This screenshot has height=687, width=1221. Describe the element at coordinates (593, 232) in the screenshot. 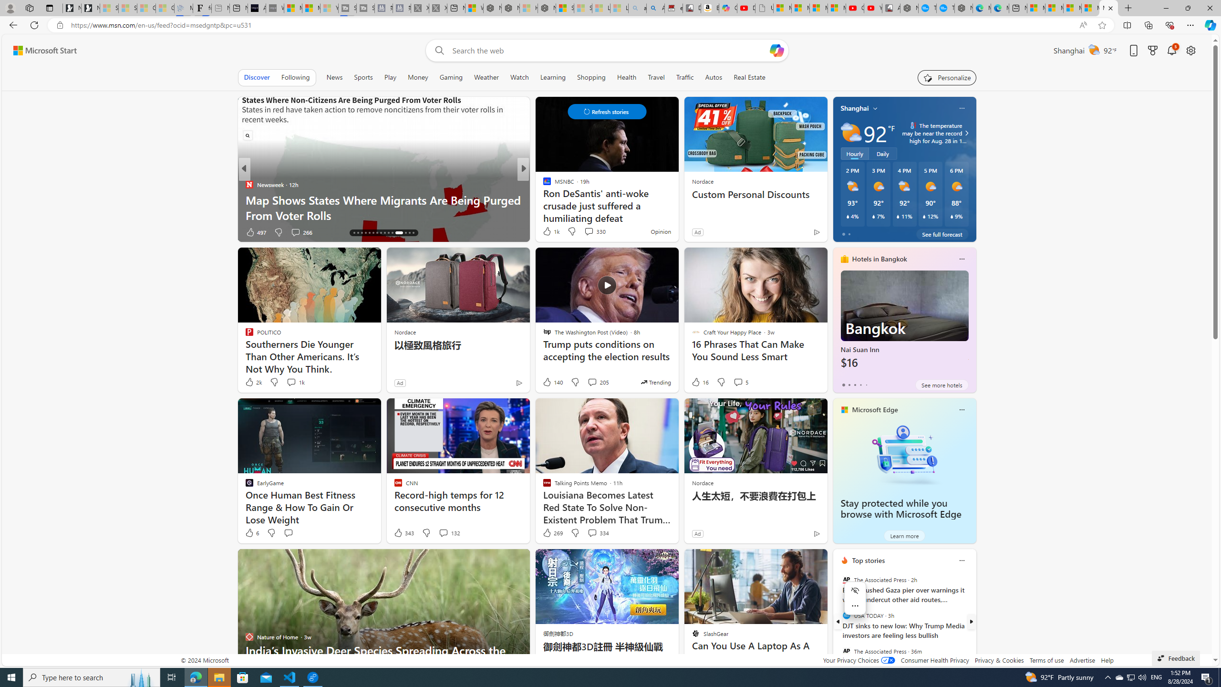

I see `'View comments 96 Comment'` at that location.